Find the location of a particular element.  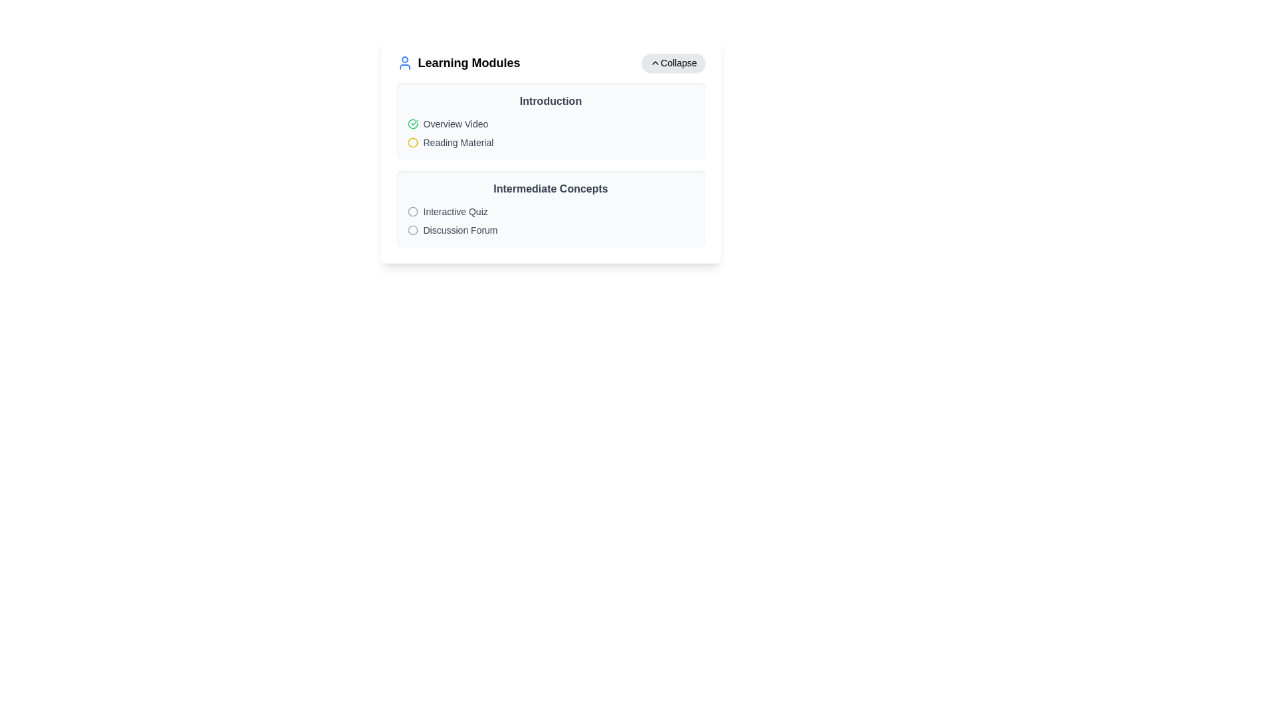

the small, outlined, circular gray icon located to the left of the text 'Interactive Quiz' in the 'Intermediate Concepts' section is located at coordinates (412, 211).